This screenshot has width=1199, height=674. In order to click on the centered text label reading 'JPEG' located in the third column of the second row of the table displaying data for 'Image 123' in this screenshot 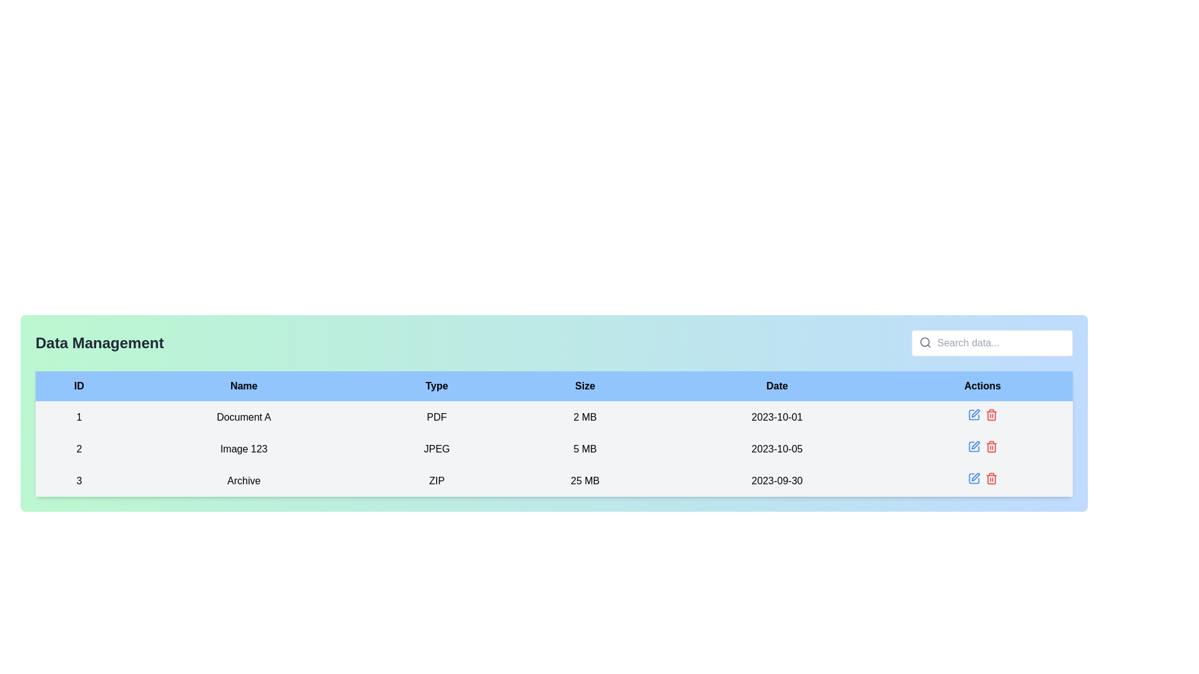, I will do `click(437, 448)`.